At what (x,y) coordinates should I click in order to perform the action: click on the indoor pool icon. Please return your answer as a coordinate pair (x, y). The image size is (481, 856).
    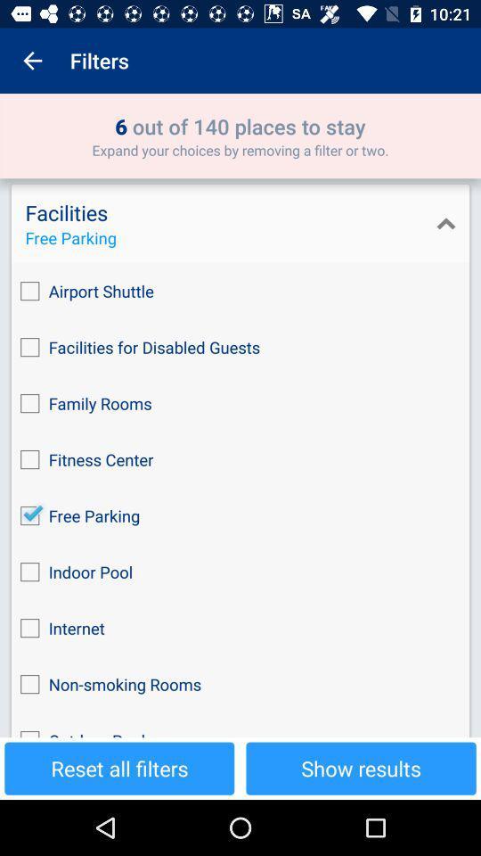
    Looking at the image, I should click on (240, 571).